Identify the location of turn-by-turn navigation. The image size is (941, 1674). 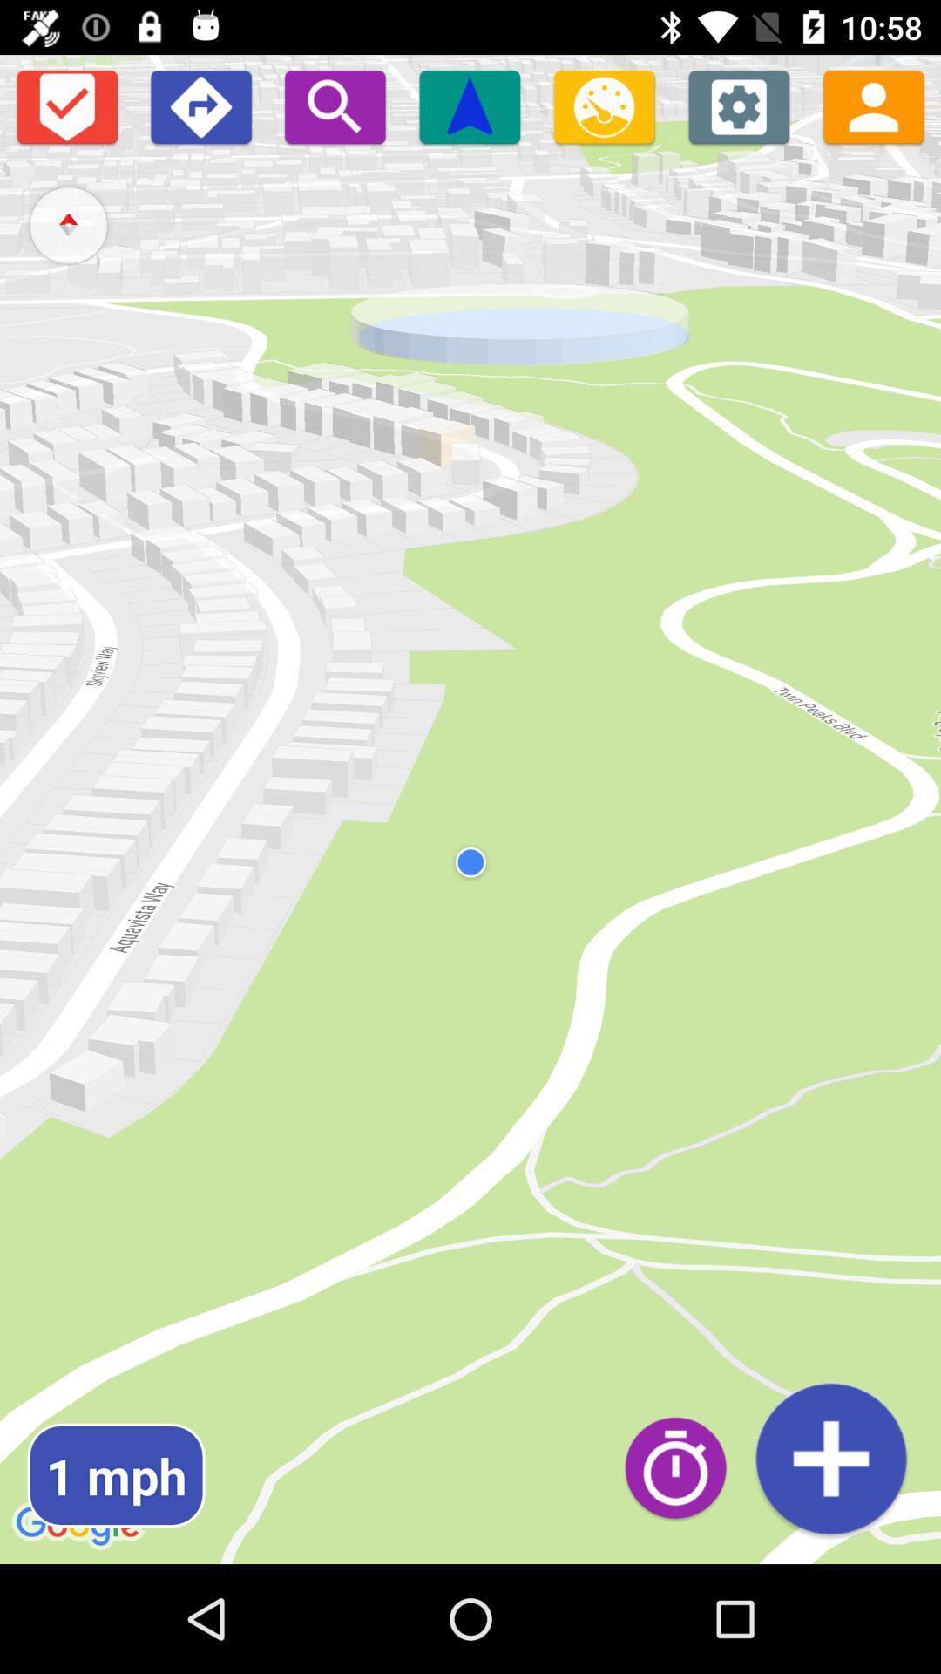
(200, 105).